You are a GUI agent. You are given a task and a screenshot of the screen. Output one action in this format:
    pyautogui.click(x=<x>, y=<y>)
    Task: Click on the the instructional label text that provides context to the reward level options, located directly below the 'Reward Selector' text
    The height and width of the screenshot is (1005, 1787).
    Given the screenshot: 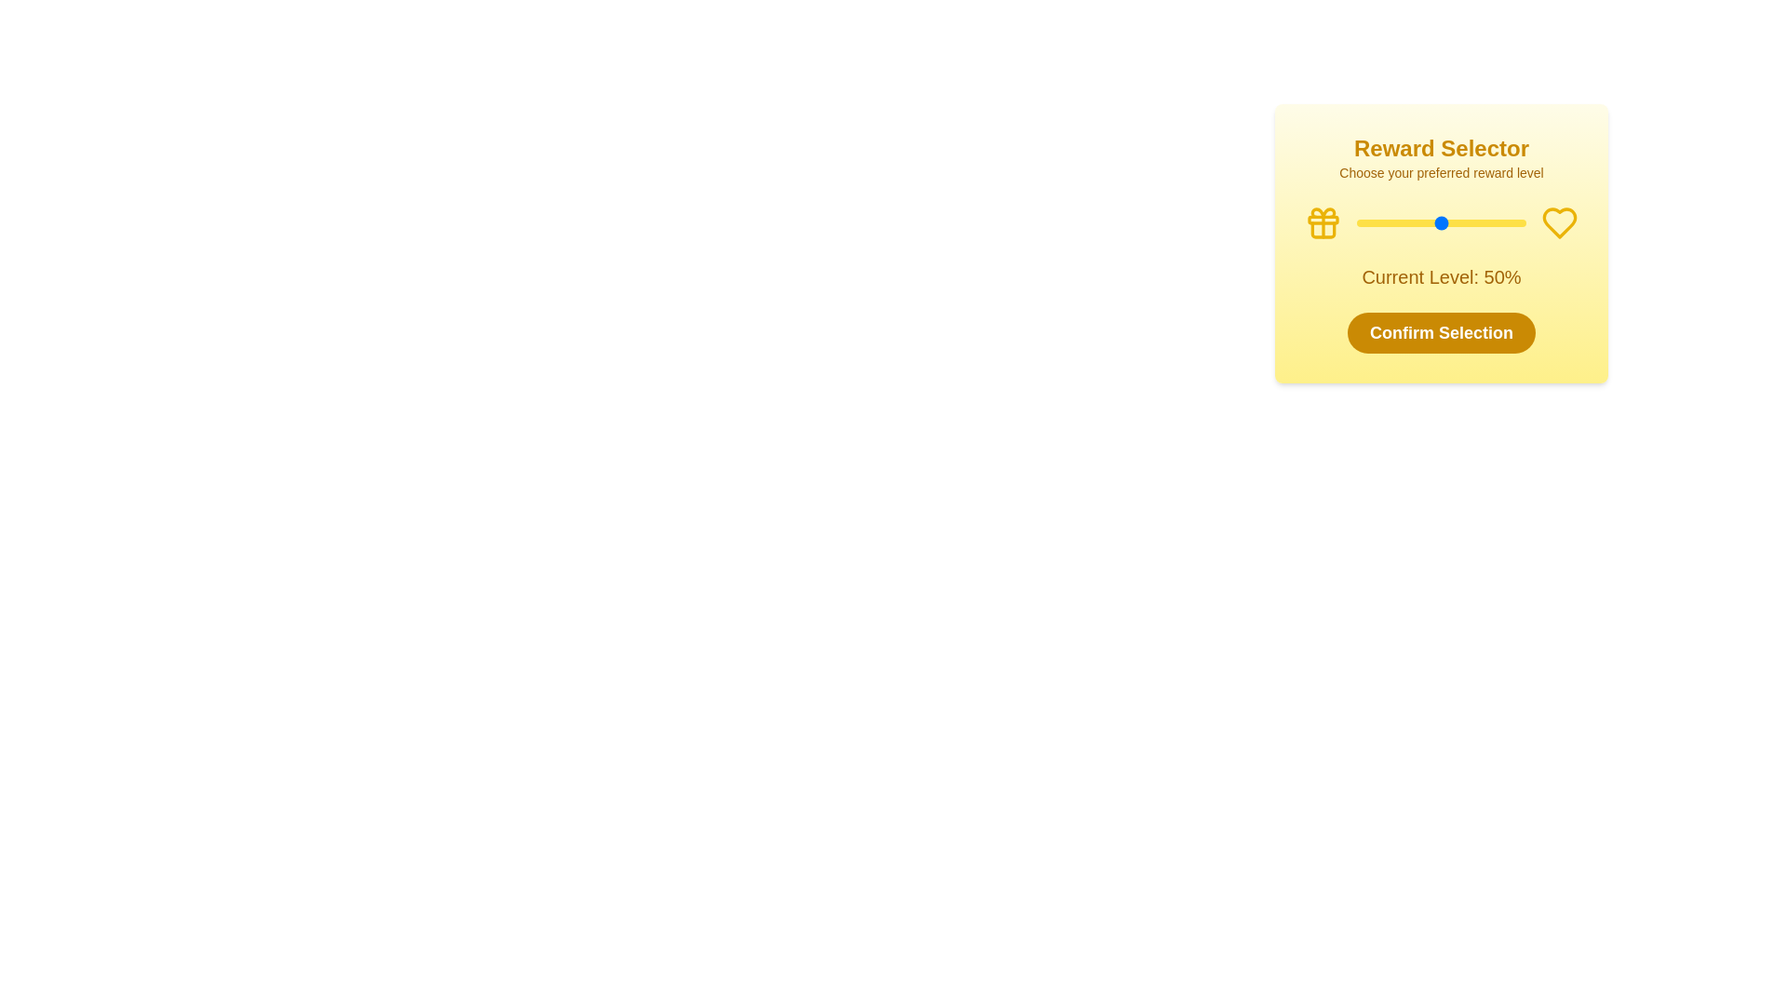 What is the action you would take?
    pyautogui.click(x=1441, y=172)
    